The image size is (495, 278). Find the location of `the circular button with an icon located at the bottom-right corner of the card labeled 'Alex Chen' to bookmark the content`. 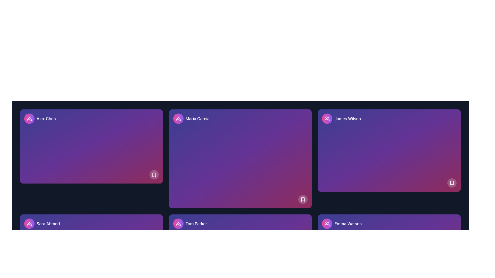

the circular button with an icon located at the bottom-right corner of the card labeled 'Alex Chen' to bookmark the content is located at coordinates (154, 174).